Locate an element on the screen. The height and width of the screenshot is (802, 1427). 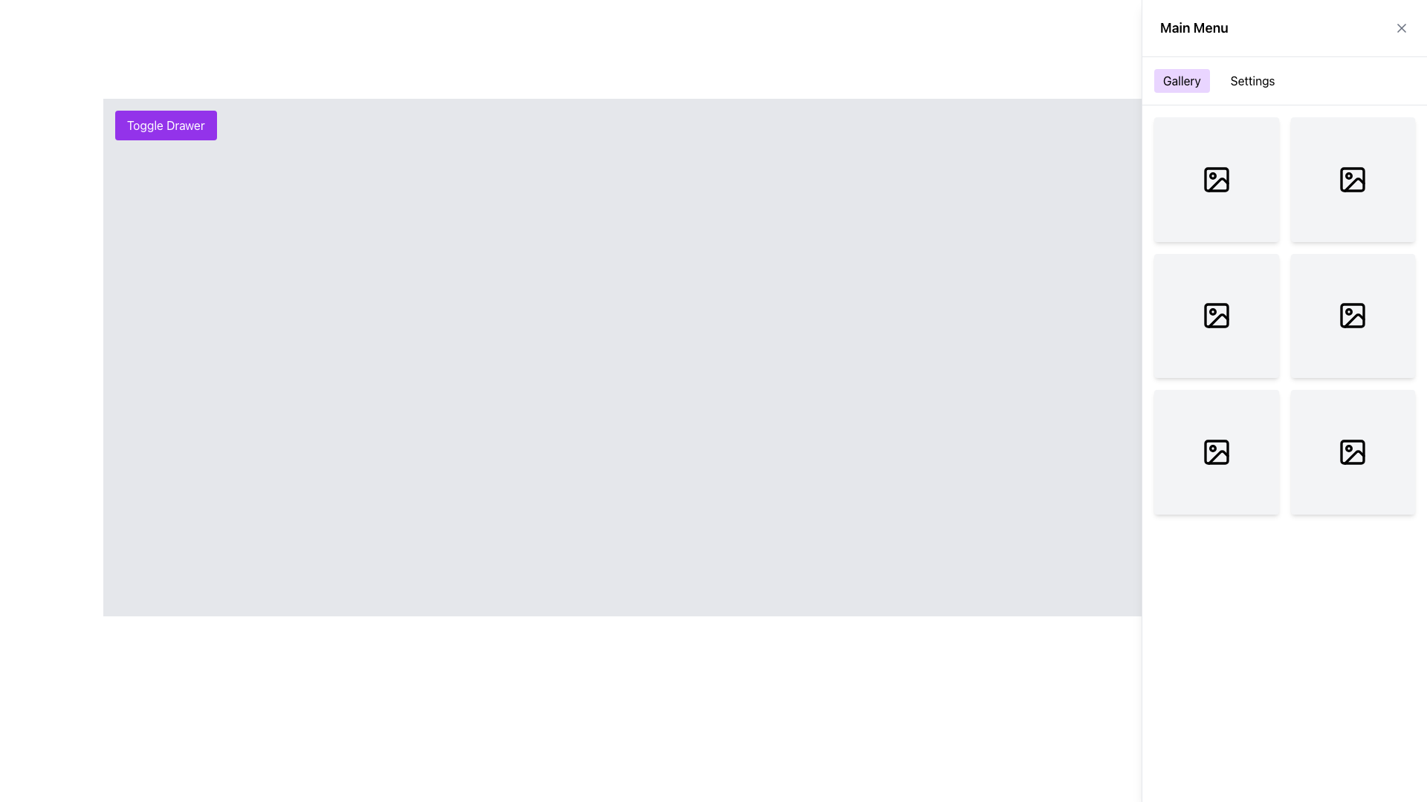
the bottom-left icon in the 2x2 grid on the right-side panel is located at coordinates (1216, 451).